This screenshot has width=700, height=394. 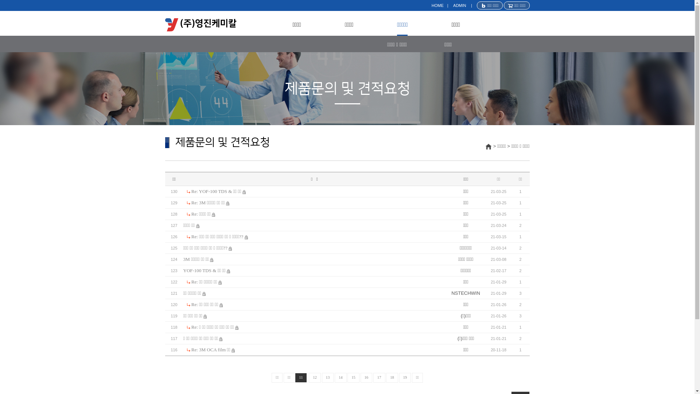 I want to click on '13', so click(x=322, y=378).